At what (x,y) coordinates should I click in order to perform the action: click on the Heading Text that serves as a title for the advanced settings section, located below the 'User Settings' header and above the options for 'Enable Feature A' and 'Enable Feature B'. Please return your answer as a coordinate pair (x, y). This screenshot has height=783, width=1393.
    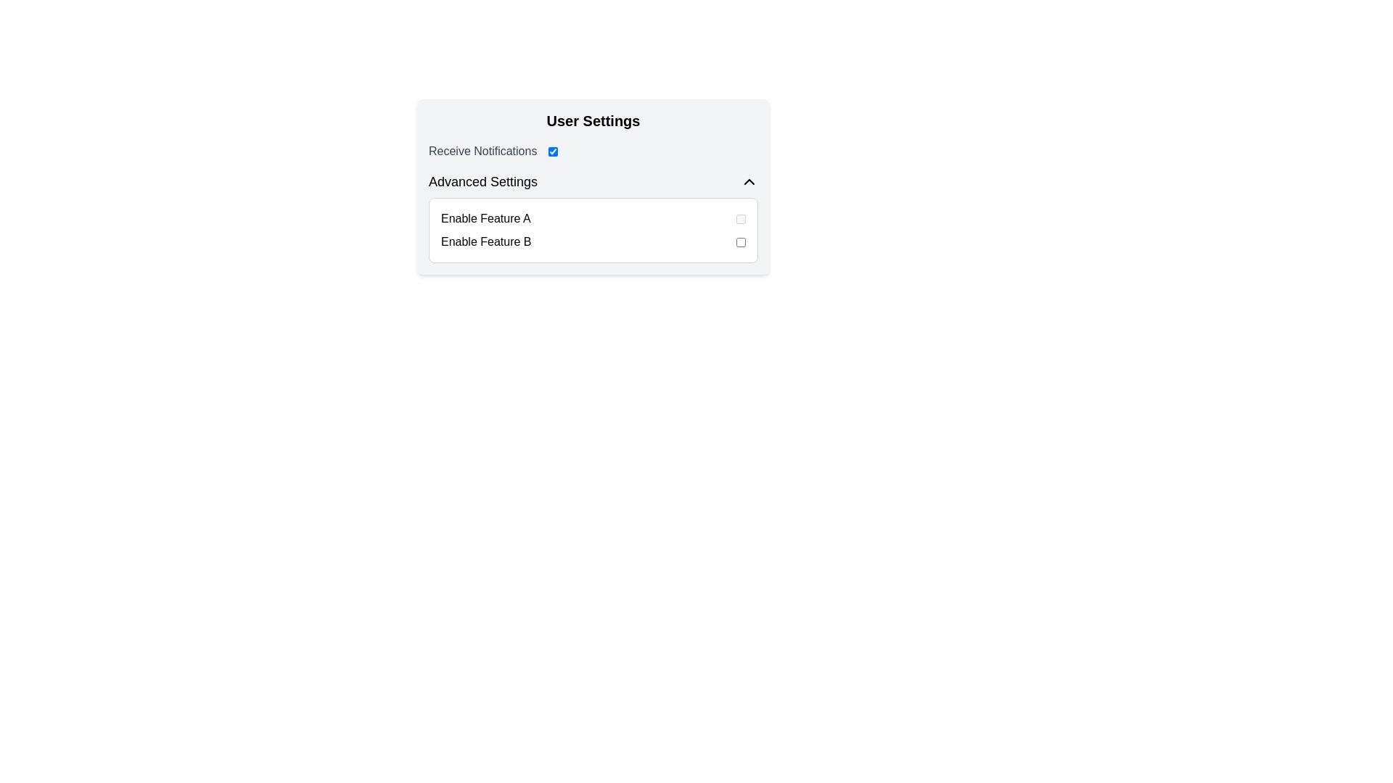
    Looking at the image, I should click on (483, 181).